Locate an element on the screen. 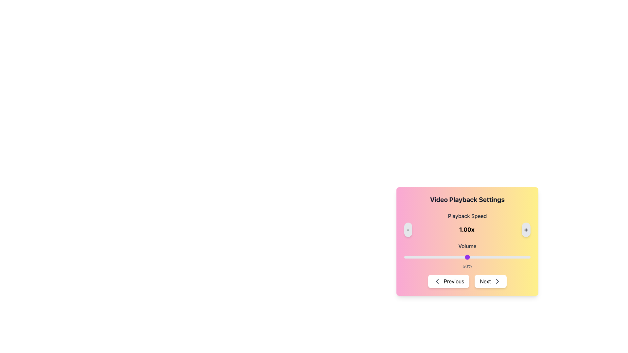  the left-pointing chevron icon located in the bottom-left corner above the 'Previous' button is located at coordinates (437, 281).